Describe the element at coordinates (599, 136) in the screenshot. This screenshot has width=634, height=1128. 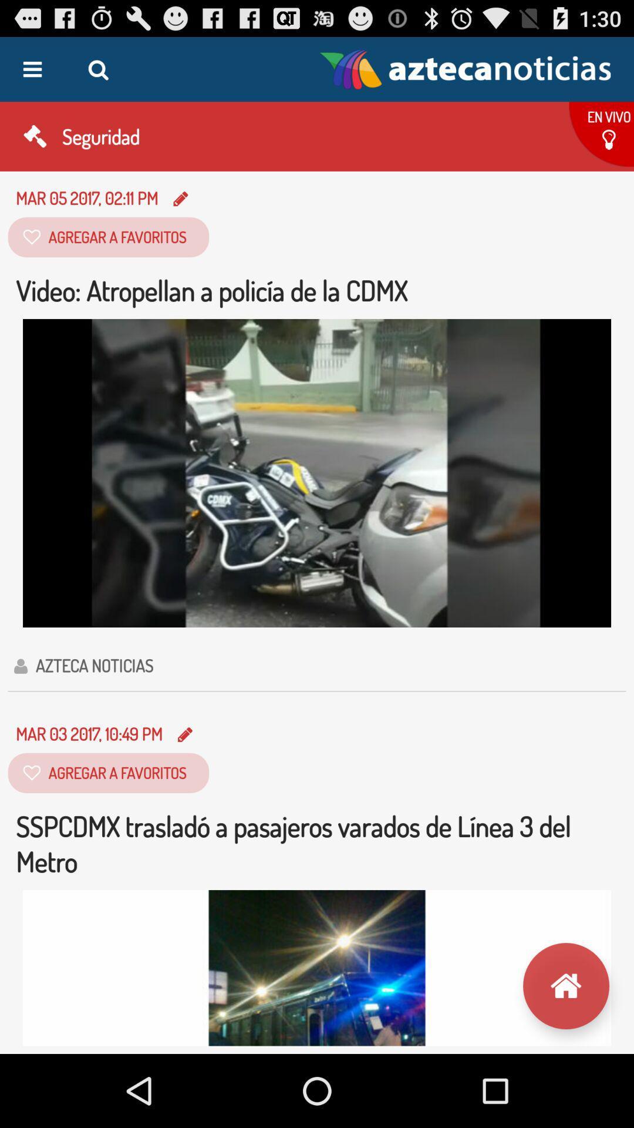
I see `the button below the logo on the web page` at that location.